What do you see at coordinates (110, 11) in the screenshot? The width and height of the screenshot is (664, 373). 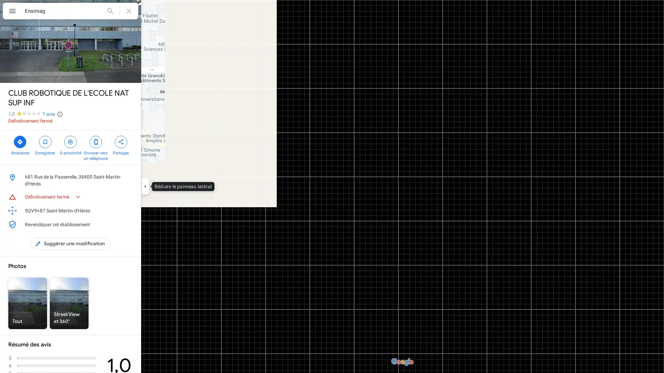 I see `Rechercher` at bounding box center [110, 11].